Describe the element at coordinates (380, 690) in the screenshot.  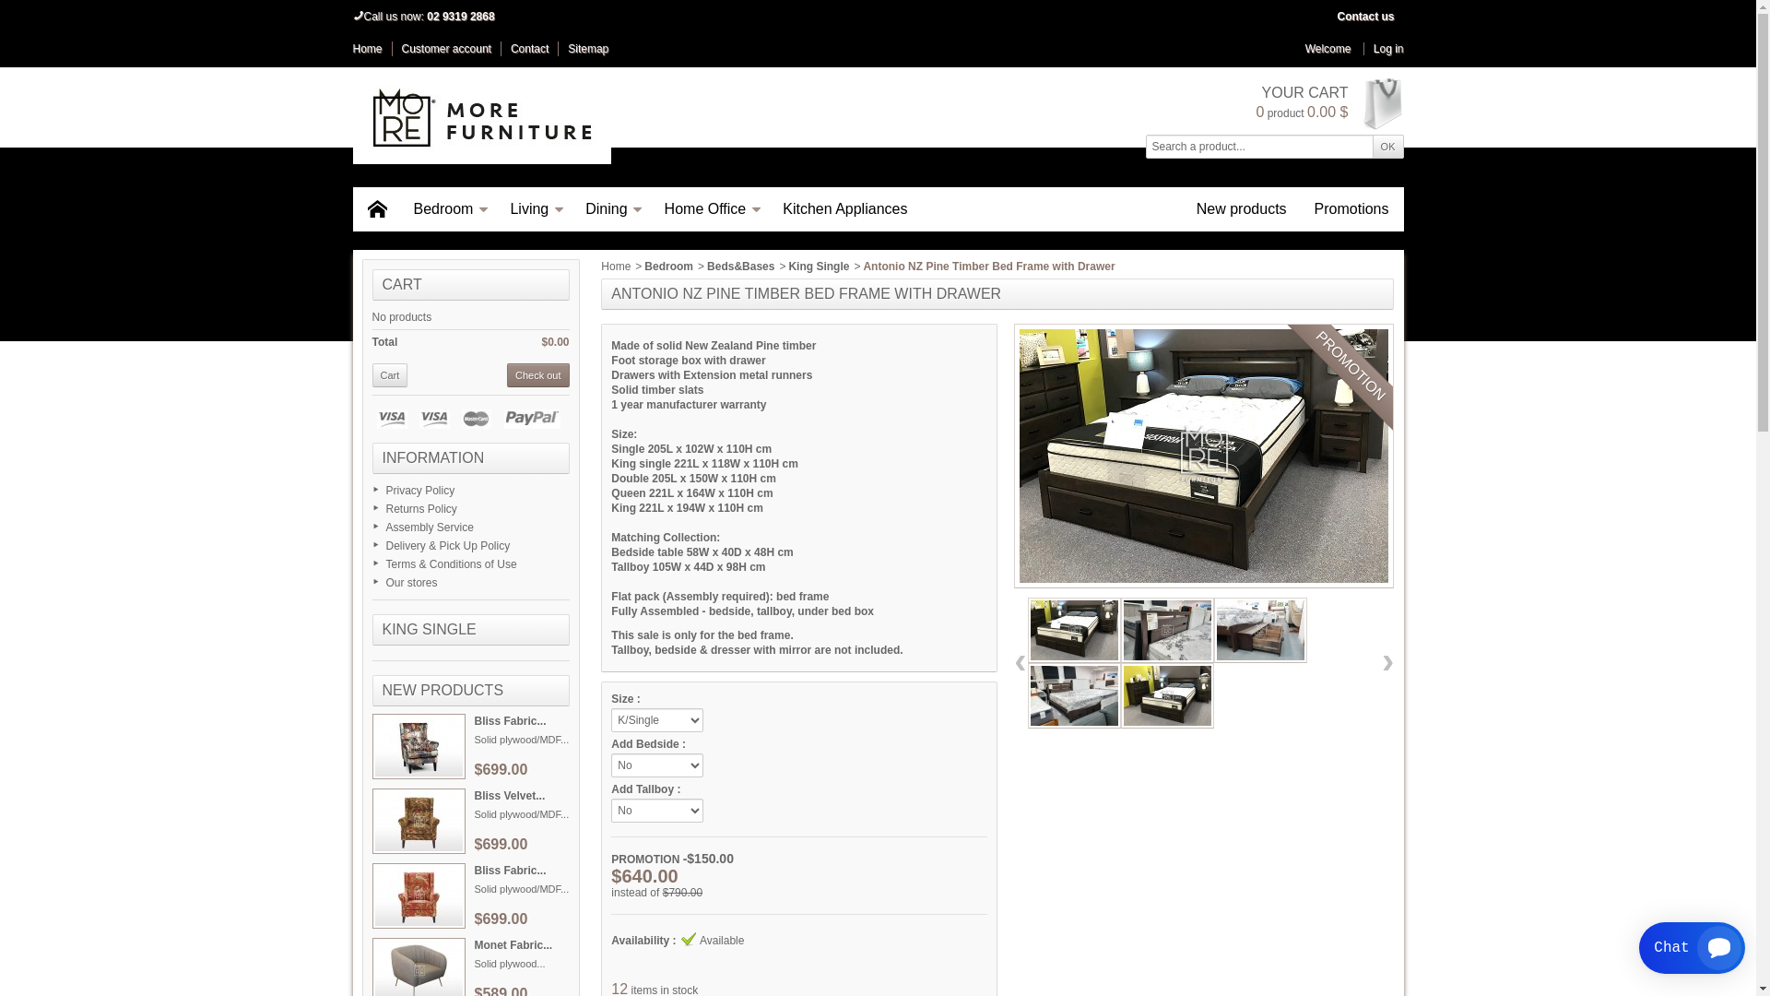
I see `'NEW PRODUCTS'` at that location.